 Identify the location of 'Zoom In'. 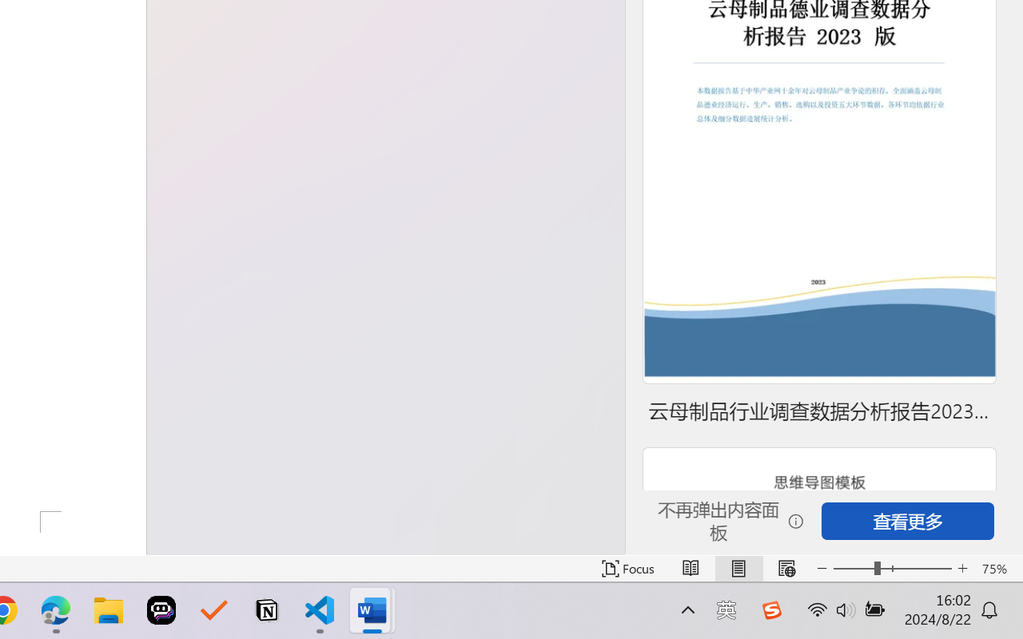
(962, 568).